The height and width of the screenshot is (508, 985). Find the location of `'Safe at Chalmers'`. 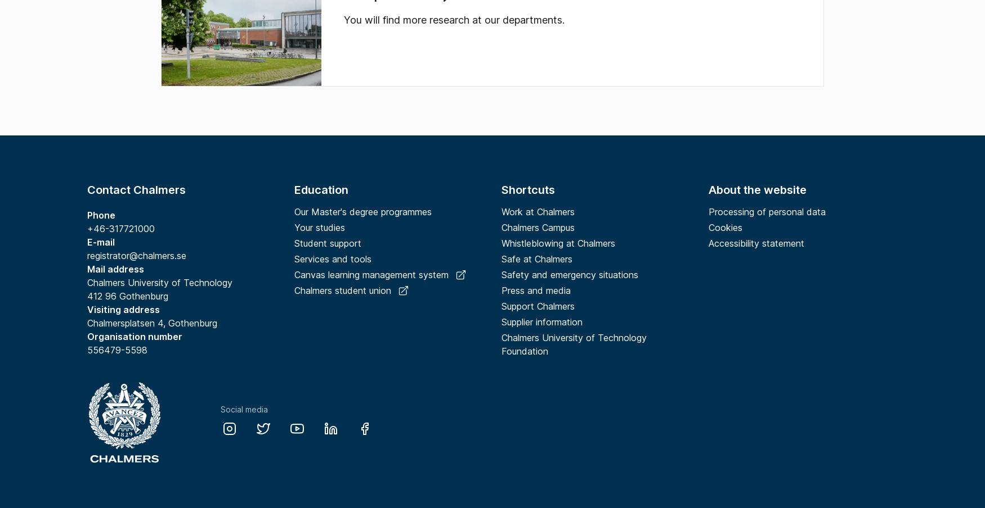

'Safe at Chalmers' is located at coordinates (536, 258).